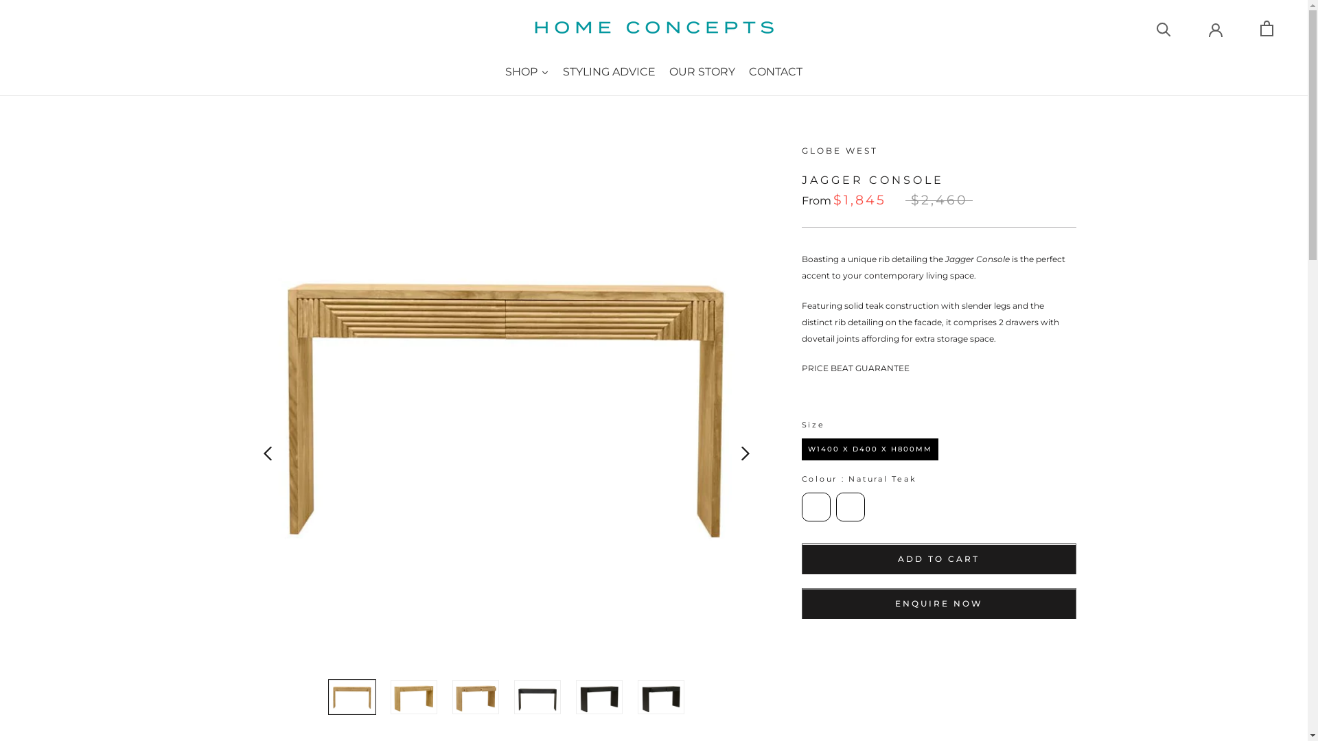  Describe the element at coordinates (775, 71) in the screenshot. I see `'CONTACT'` at that location.